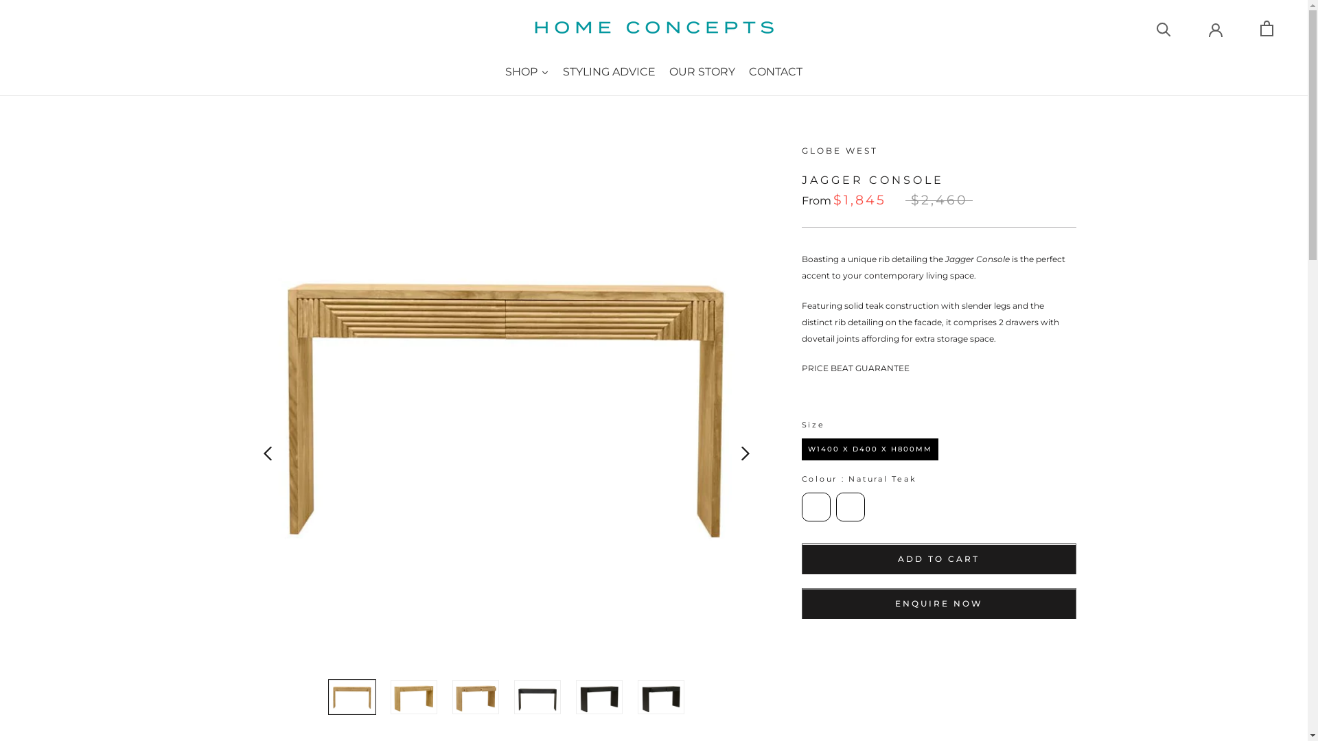  Describe the element at coordinates (775, 71) in the screenshot. I see `'CONTACT'` at that location.